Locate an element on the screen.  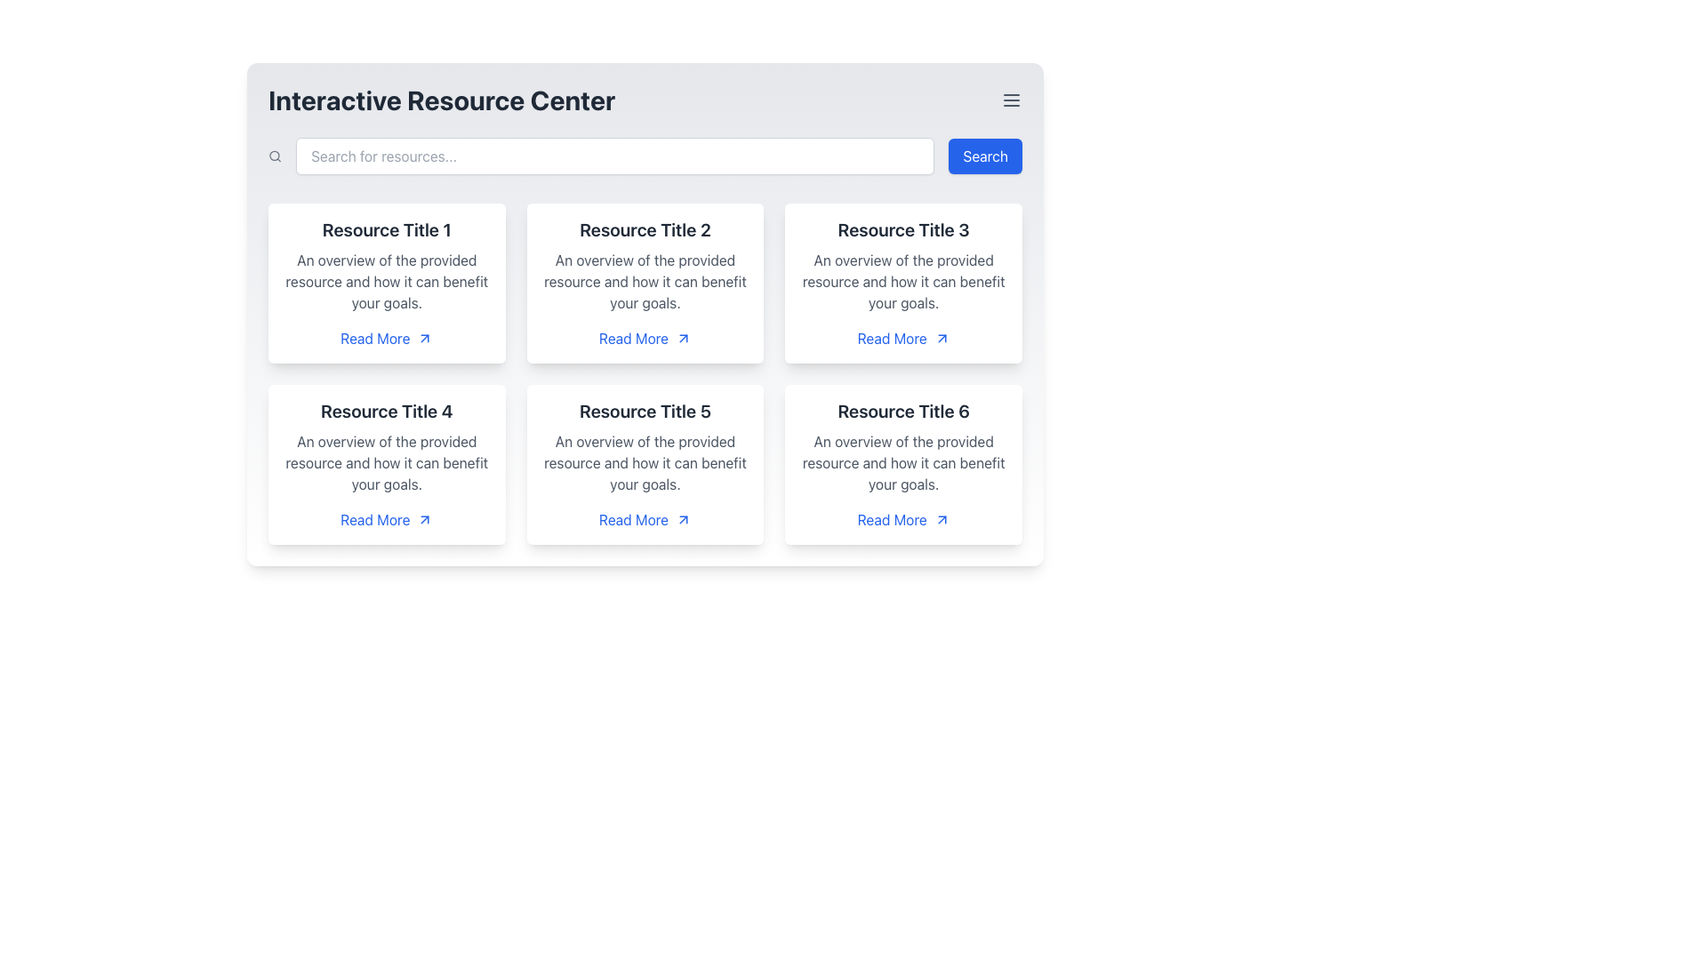
description of the Text Label located within the card labeled 'Resource Title 6', which is the second textual entry below the title and above the 'Read More' link is located at coordinates (903, 461).